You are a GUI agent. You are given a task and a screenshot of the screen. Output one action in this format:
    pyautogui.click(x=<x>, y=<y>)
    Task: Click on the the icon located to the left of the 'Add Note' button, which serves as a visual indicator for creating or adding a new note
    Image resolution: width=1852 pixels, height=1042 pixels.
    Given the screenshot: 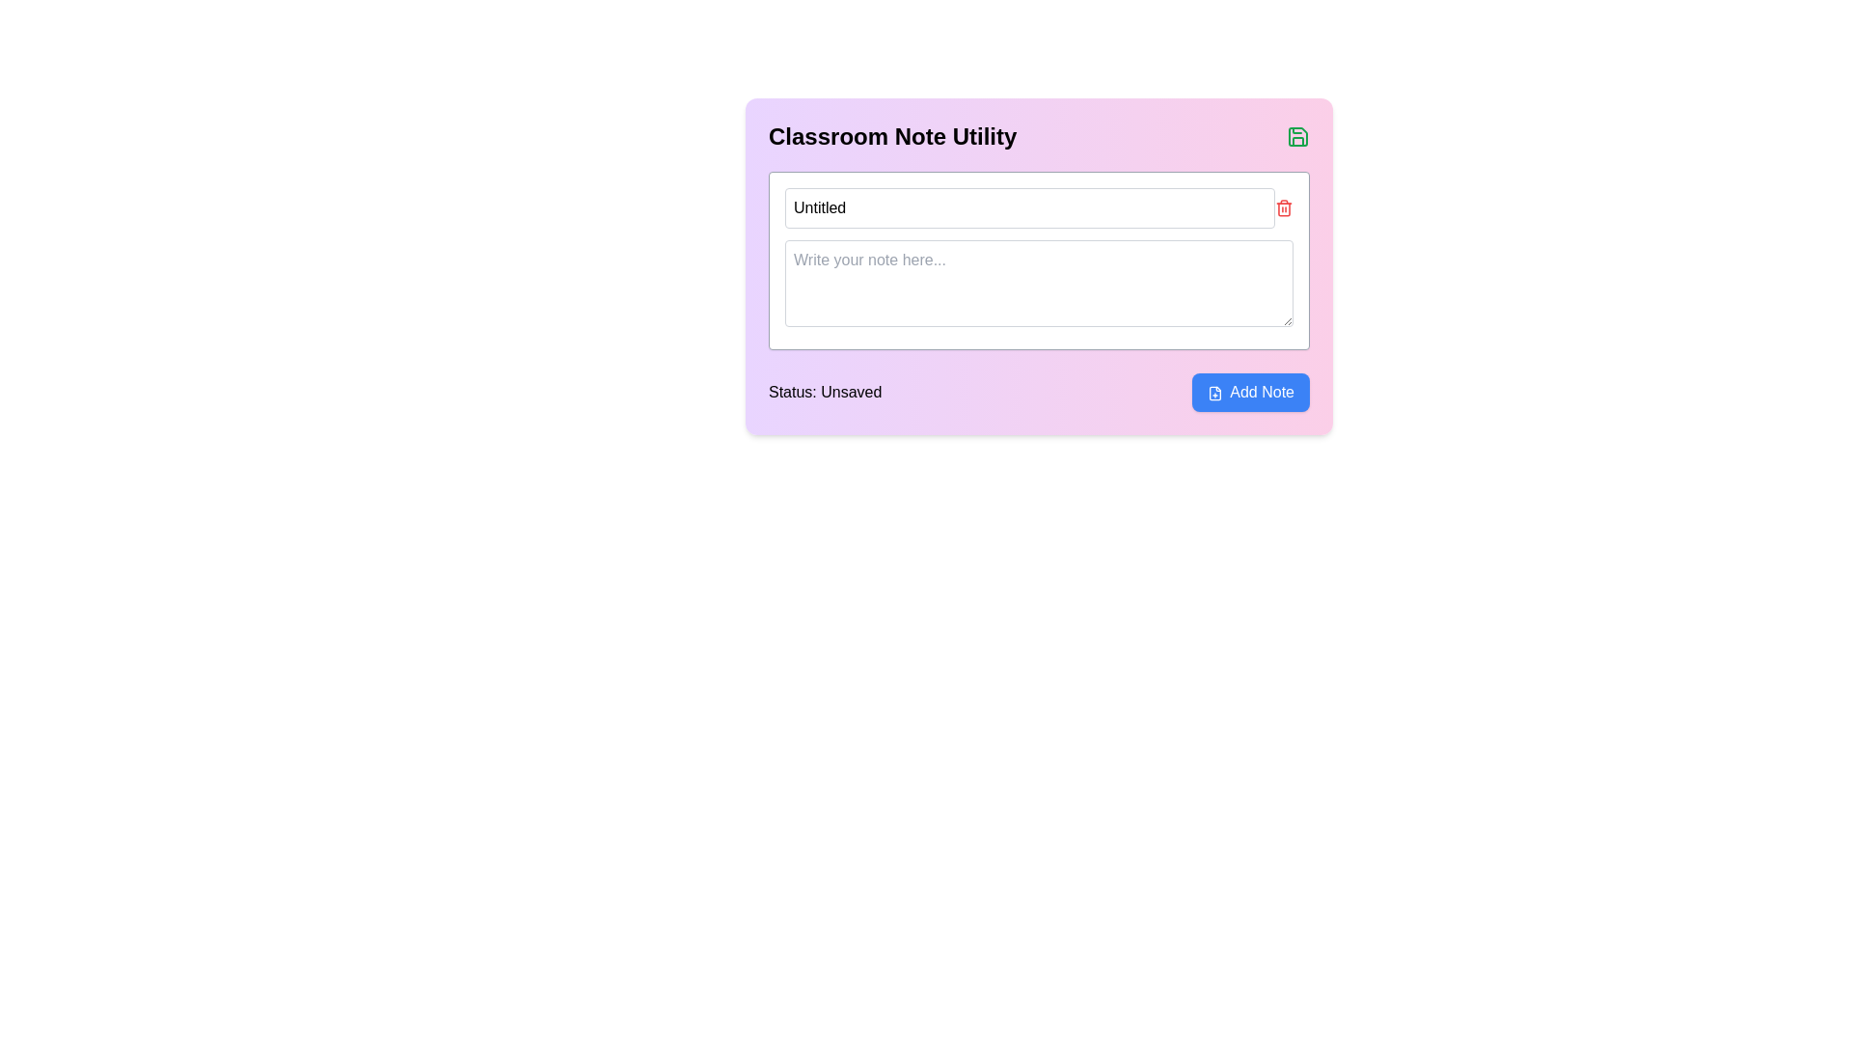 What is the action you would take?
    pyautogui.click(x=1213, y=392)
    